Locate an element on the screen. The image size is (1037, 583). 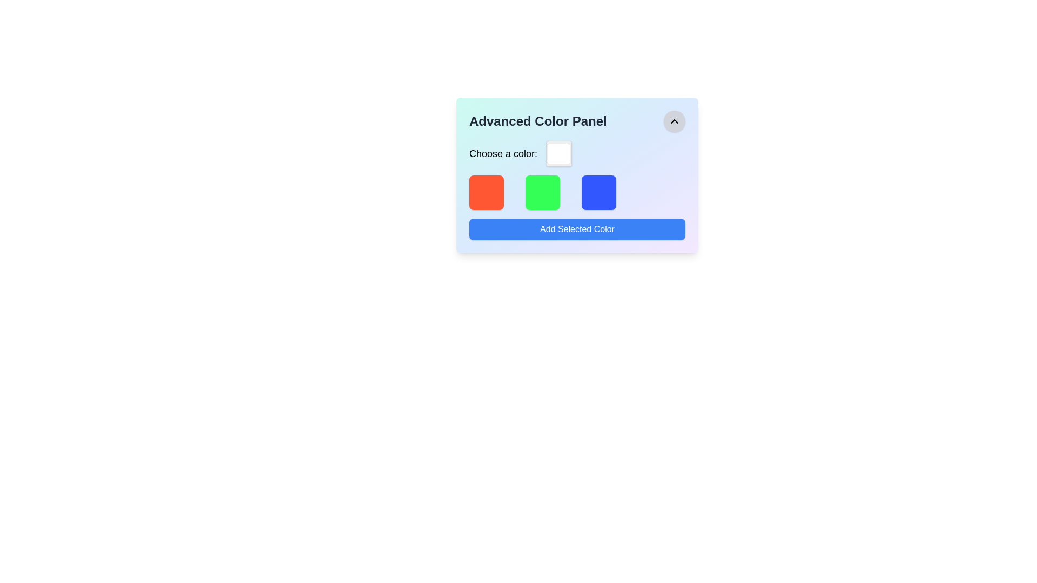
the collapse button located in the top-right corner of the 'Advanced Color Panel' to minimize the panel contents is located at coordinates (674, 121).